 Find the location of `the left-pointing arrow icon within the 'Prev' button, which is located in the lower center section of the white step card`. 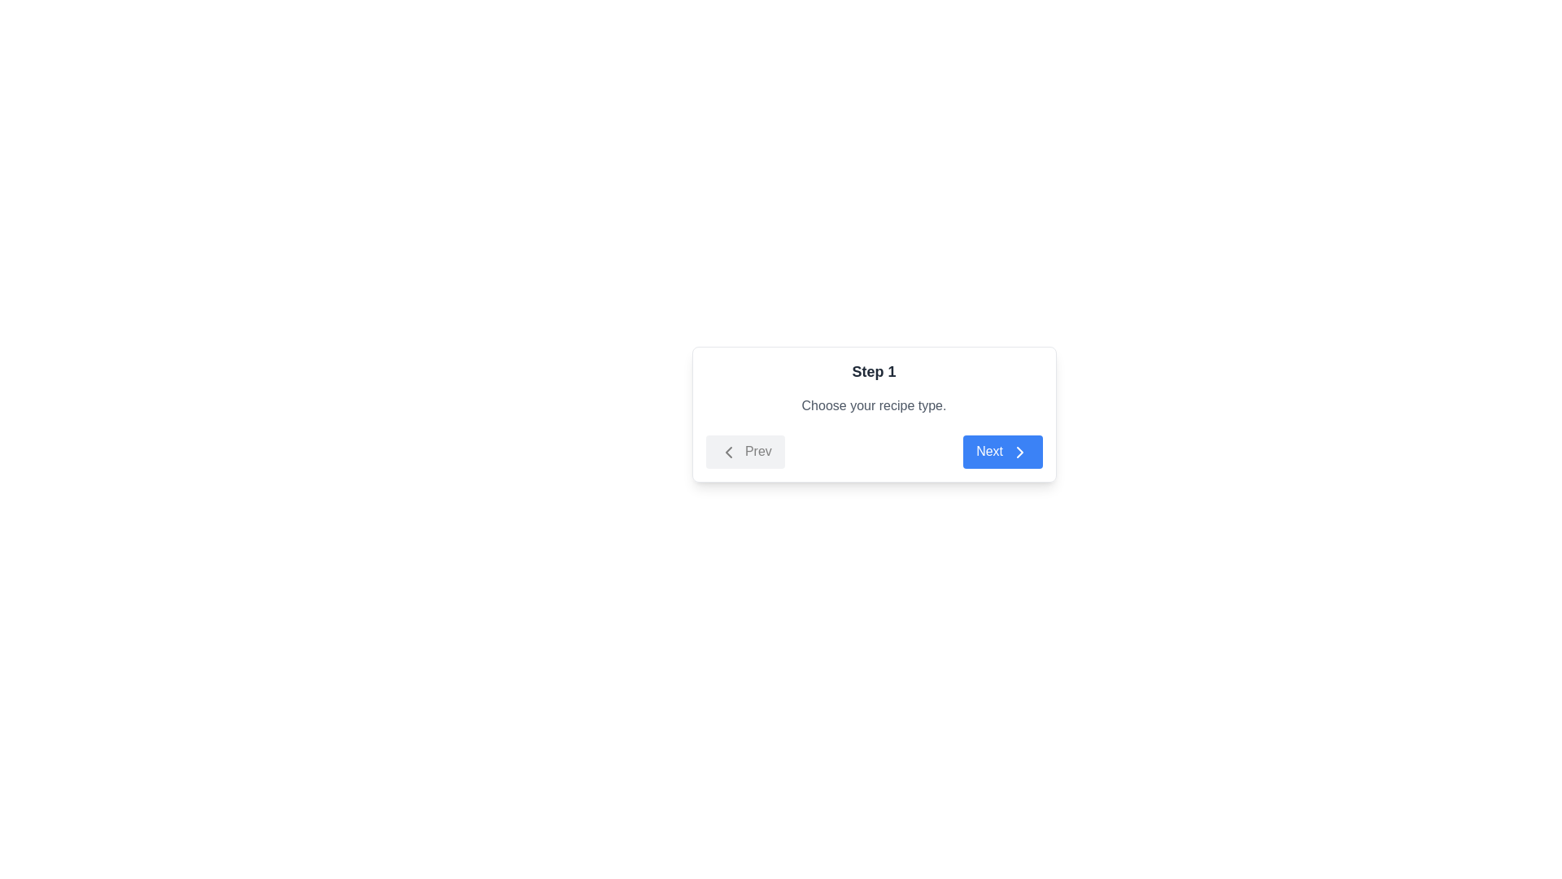

the left-pointing arrow icon within the 'Prev' button, which is located in the lower center section of the white step card is located at coordinates (727, 452).